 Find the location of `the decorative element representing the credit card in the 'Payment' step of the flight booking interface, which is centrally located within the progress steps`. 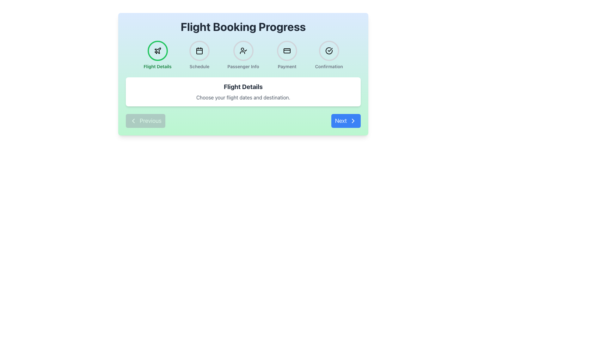

the decorative element representing the credit card in the 'Payment' step of the flight booking interface, which is centrally located within the progress steps is located at coordinates (287, 51).